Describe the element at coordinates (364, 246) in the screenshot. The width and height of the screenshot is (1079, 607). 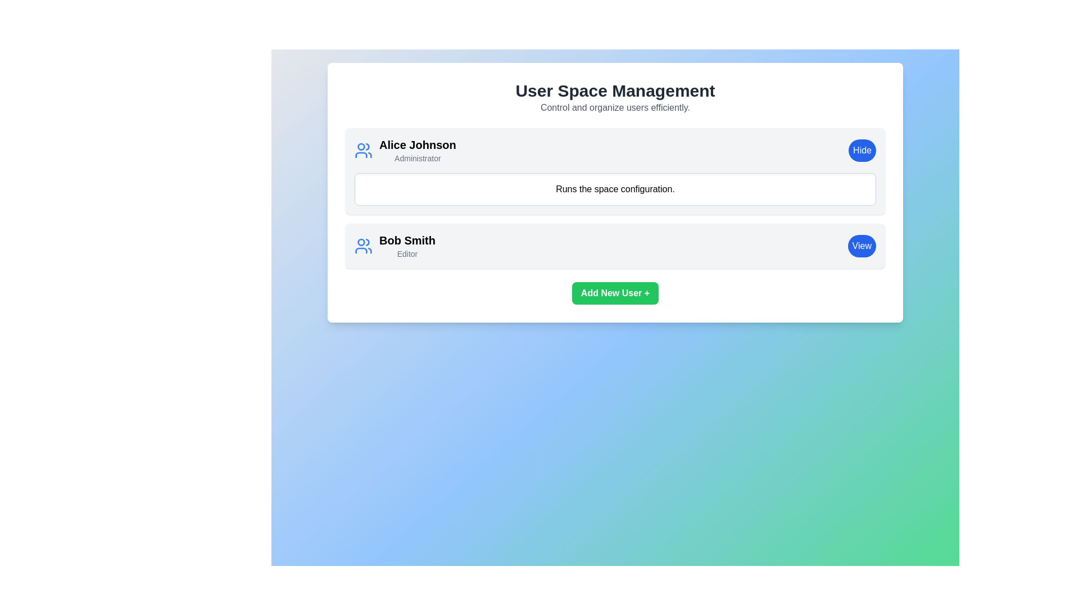
I see `the user group icon represented by two overlapping profiles in blue, located to the left of the text 'Bob Smith Editor'` at that location.